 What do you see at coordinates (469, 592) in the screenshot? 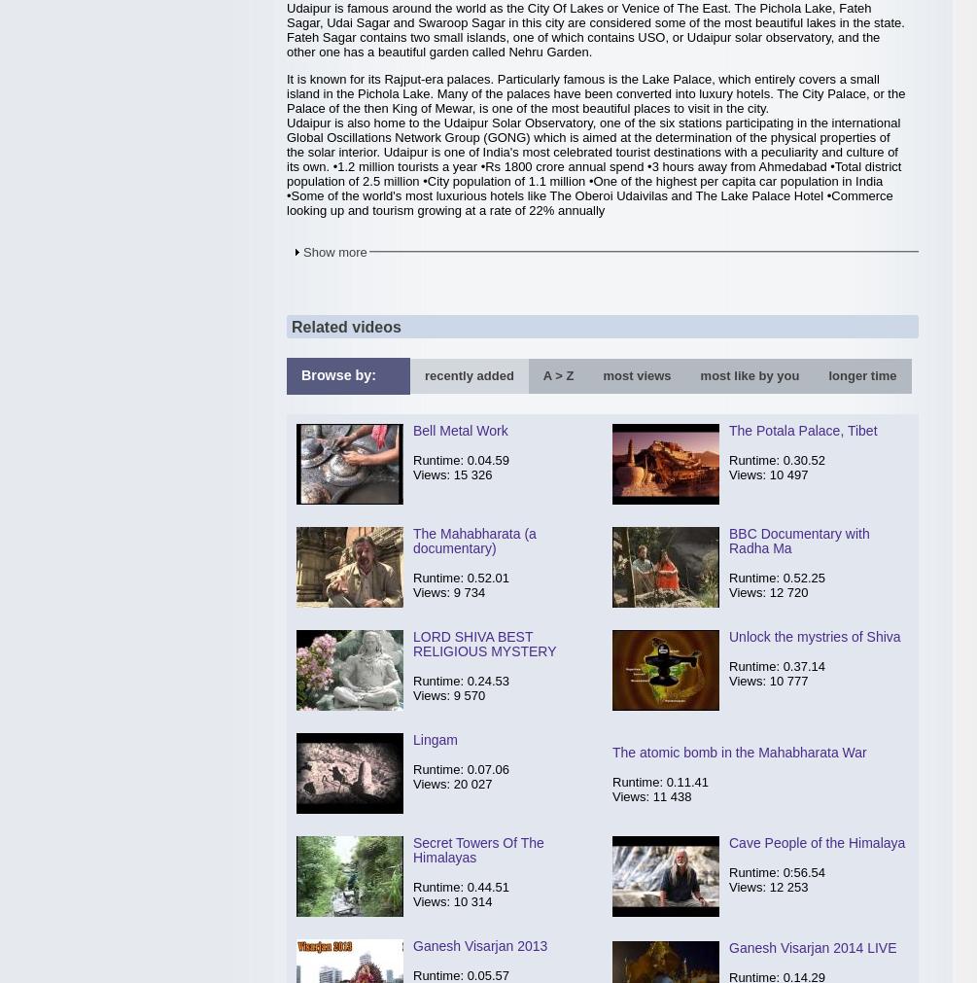
I see `'9 734'` at bounding box center [469, 592].